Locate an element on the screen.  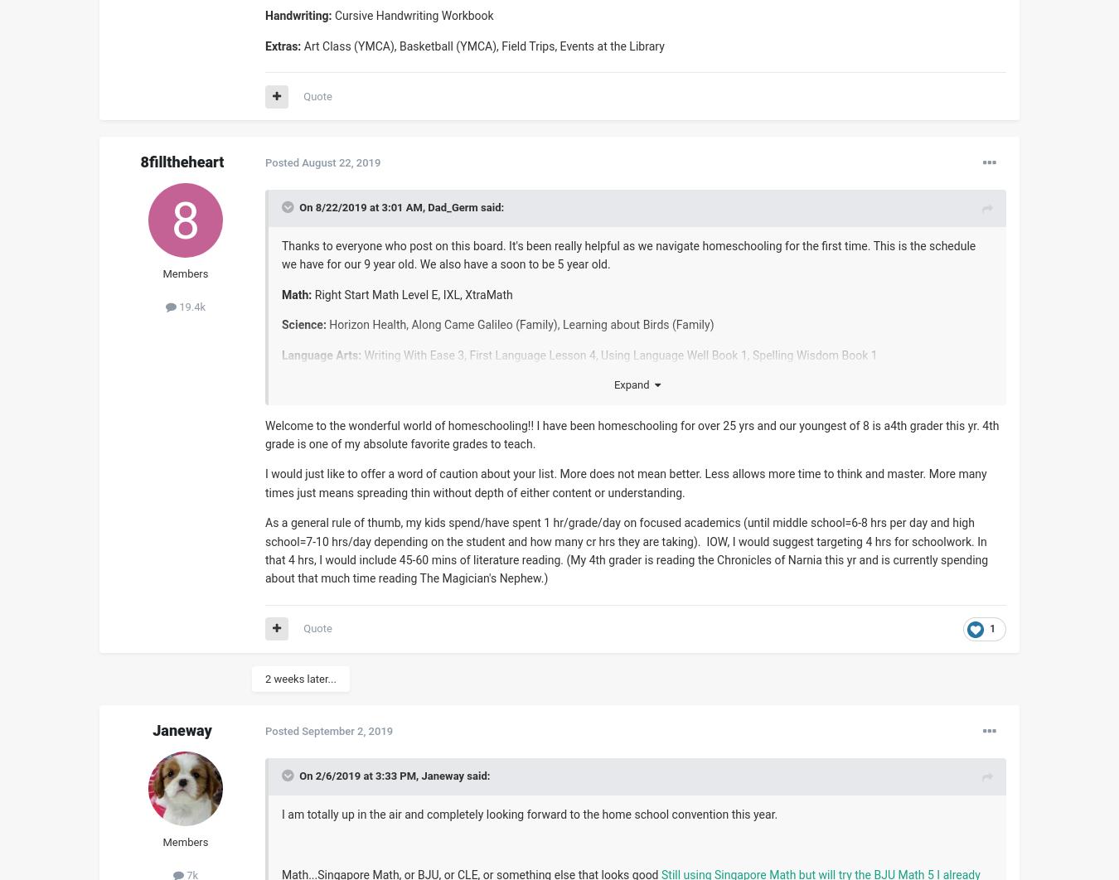
'On 8/22/2019 at 3:01 AM,' is located at coordinates (363, 207).